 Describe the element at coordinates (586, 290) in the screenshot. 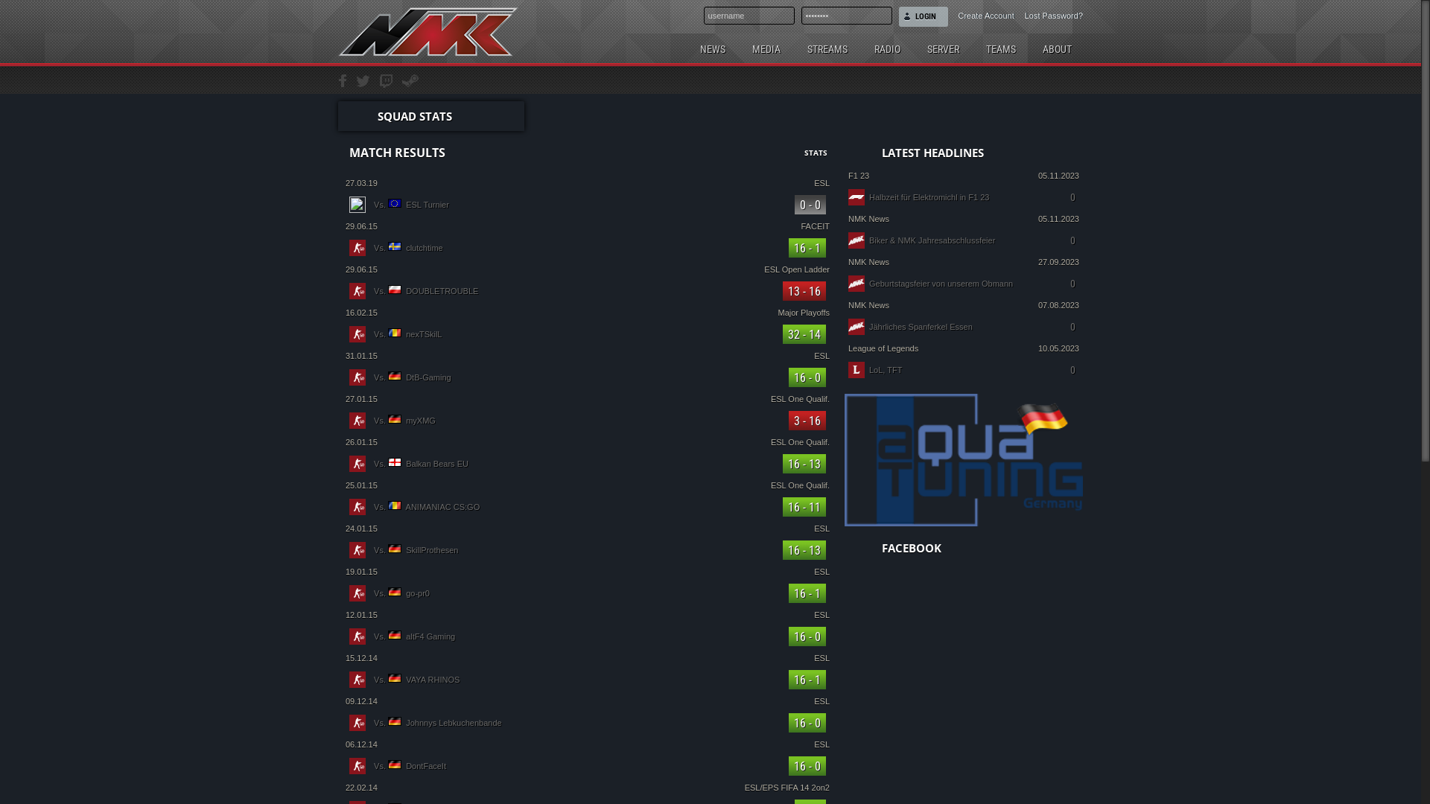

I see `'  Vs.   DOUBLETROUBLE` at that location.